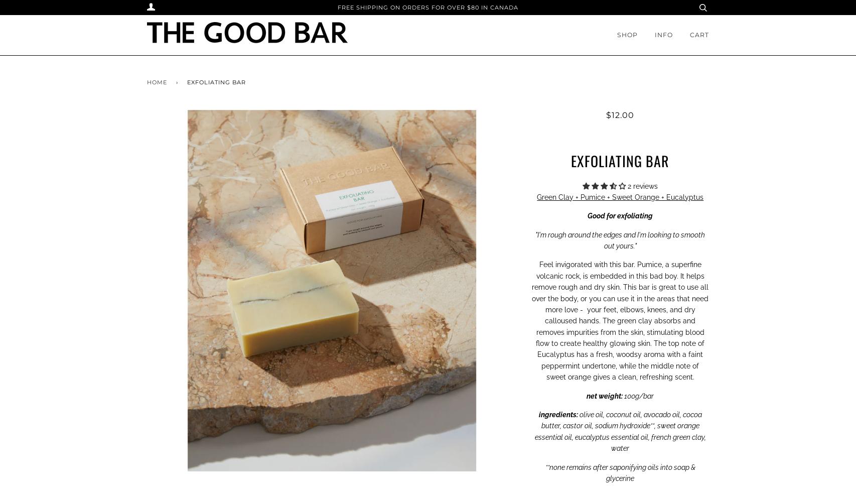 Image resolution: width=856 pixels, height=493 pixels. What do you see at coordinates (534, 431) in the screenshot?
I see `'coconut oil, avocado oil, cocoa butter, castor oil, sodium hydroxide**, sweet orange essential oil, eucalyptus essential oil, french green clay, water'` at bounding box center [534, 431].